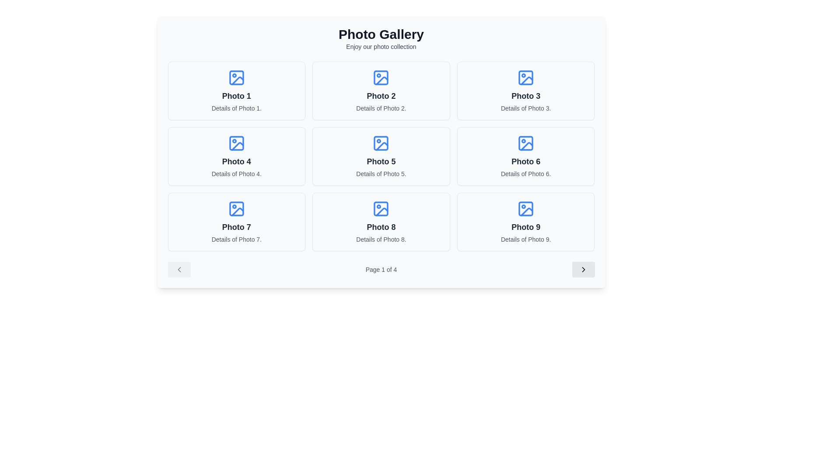 The image size is (840, 472). I want to click on the text label displaying 'Photo 3' in a bold and large font style, located in the third card of the photo gallery grid, positioned between the blue image icon and the description text 'Details of Photo 3.', so click(525, 96).